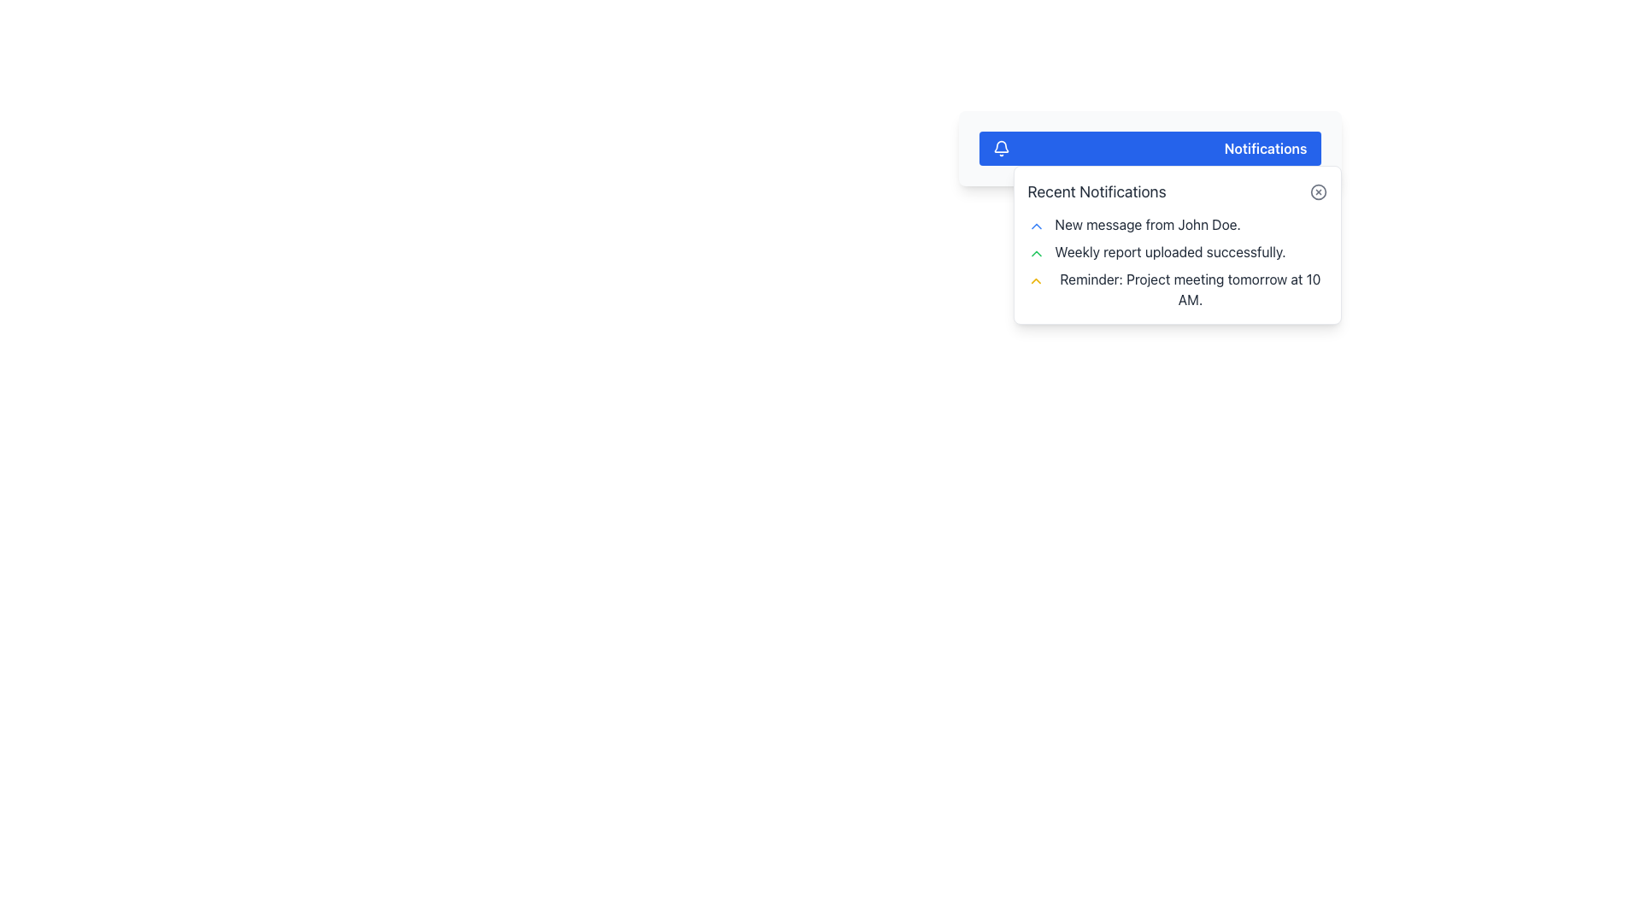  What do you see at coordinates (1035, 226) in the screenshot?
I see `the chevron icon located at the leftmost side of the notification indicating a new message from 'John Doe'` at bounding box center [1035, 226].